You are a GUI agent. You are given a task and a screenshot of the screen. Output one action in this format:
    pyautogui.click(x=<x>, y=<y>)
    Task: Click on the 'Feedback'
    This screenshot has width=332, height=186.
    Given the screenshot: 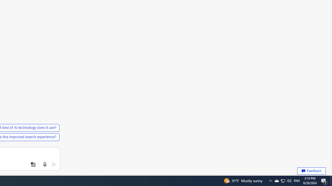 What is the action you would take?
    pyautogui.click(x=311, y=171)
    